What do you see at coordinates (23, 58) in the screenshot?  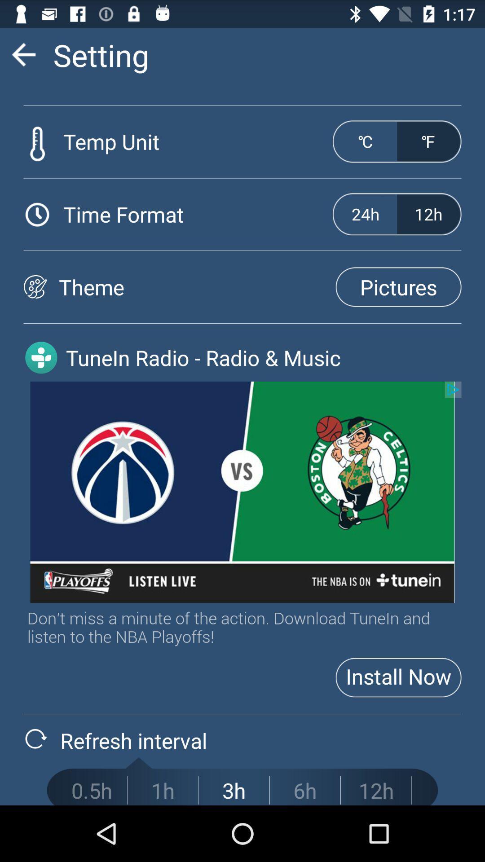 I see `the arrow_backward icon` at bounding box center [23, 58].